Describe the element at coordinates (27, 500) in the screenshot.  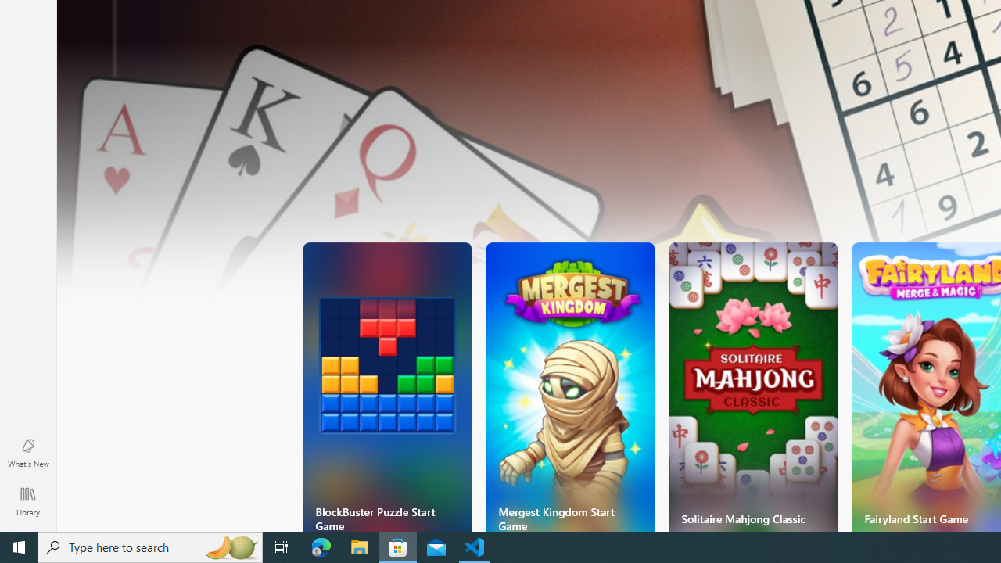
I see `'Library'` at that location.